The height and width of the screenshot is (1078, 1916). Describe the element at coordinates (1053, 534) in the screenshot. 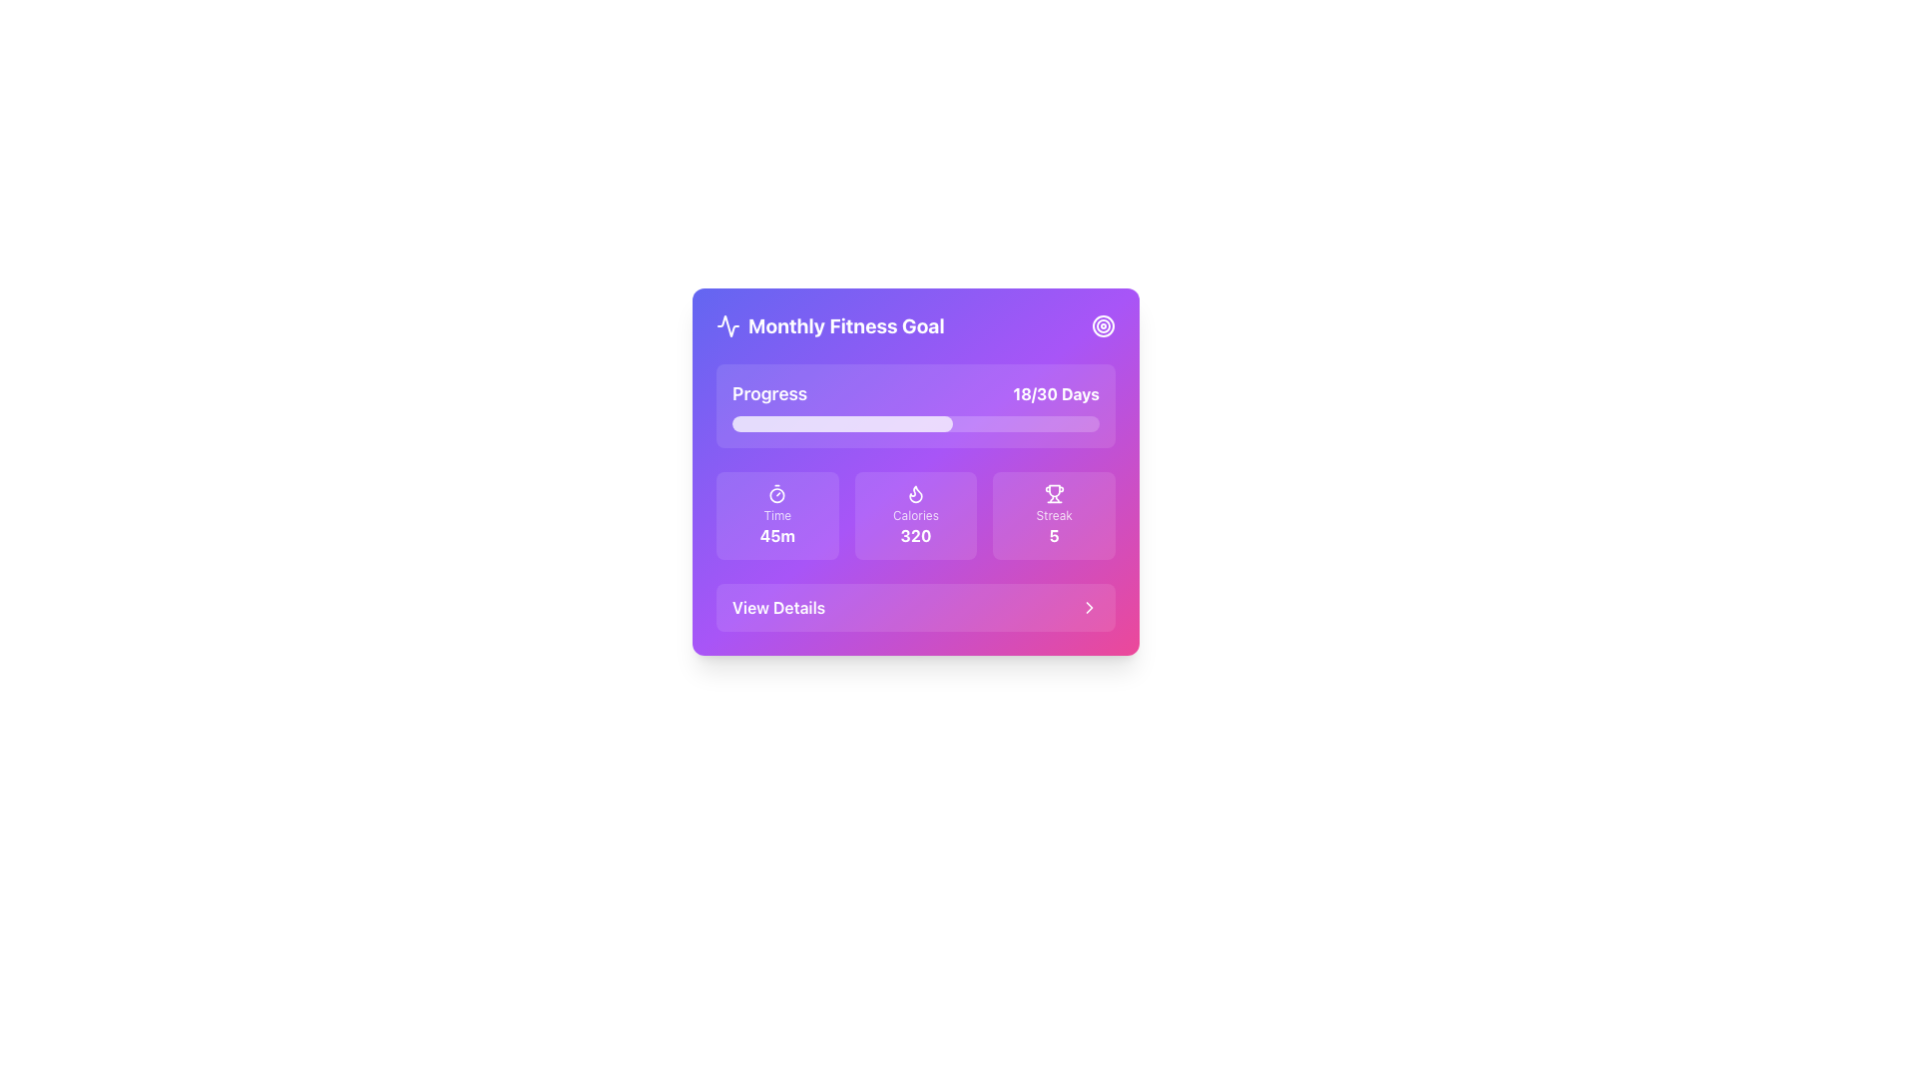

I see `the streak count displayed in the Text Display, which is centrally aligned below the 'Streak' label and above a trophy icon` at that location.